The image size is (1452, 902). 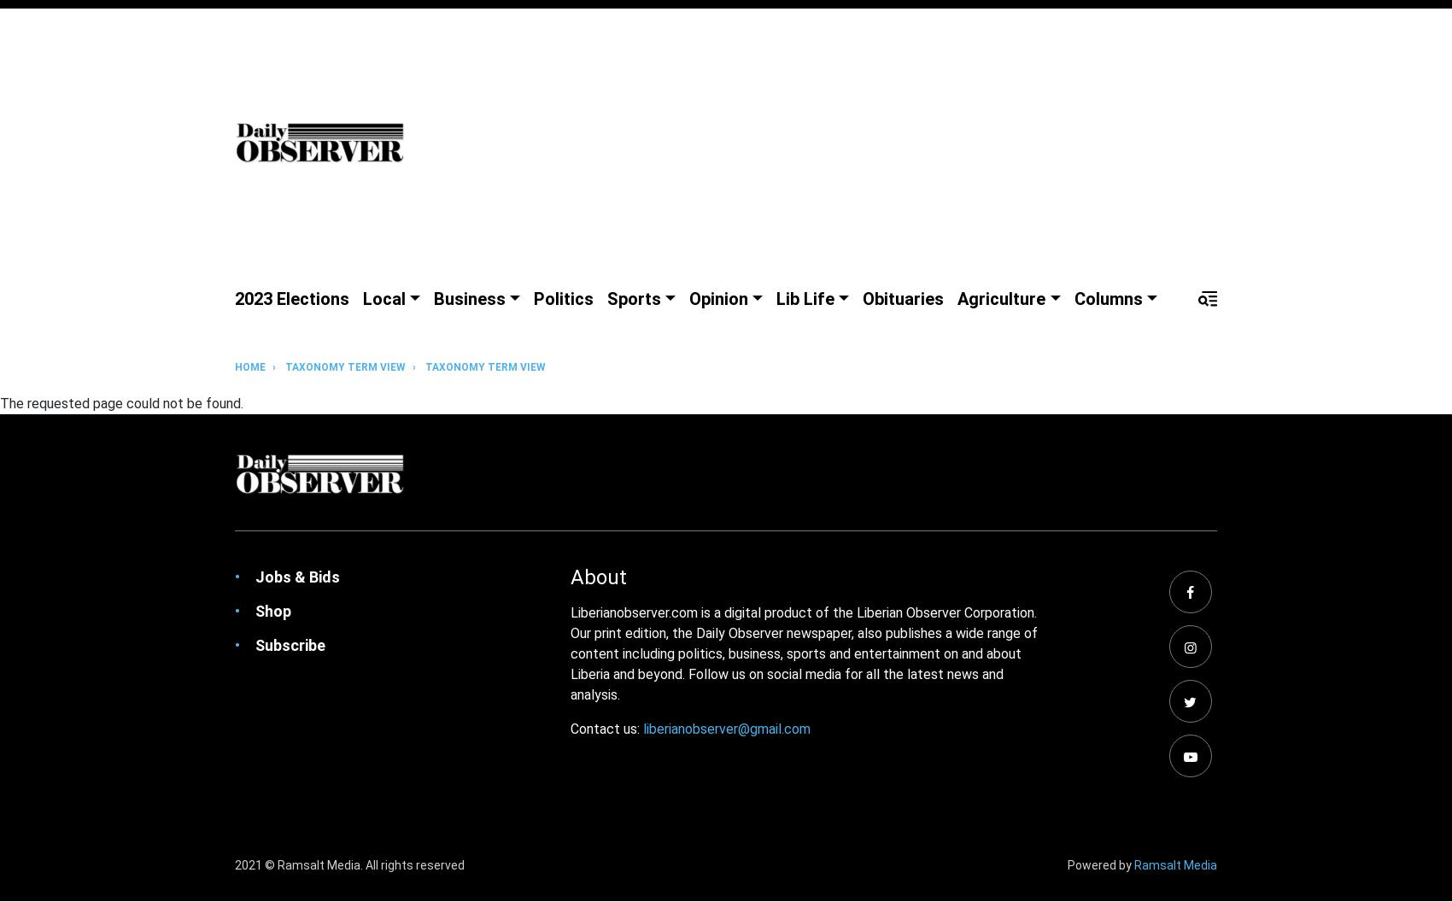 What do you see at coordinates (599, 576) in the screenshot?
I see `'About'` at bounding box center [599, 576].